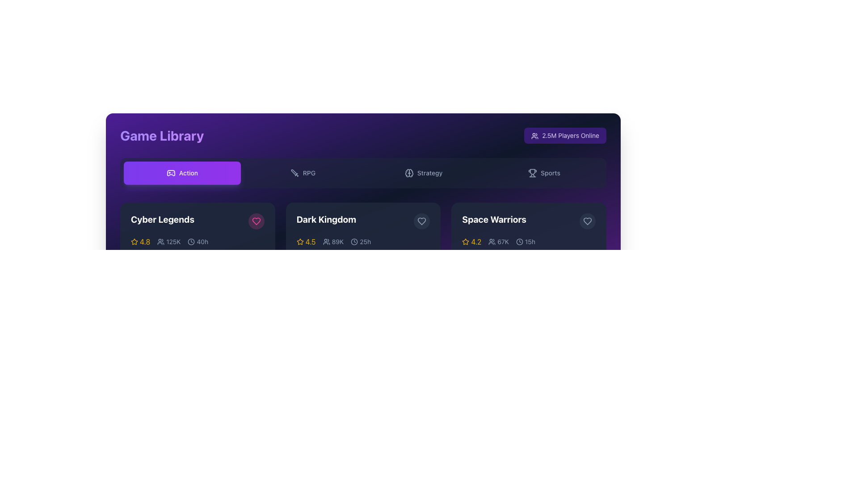 The width and height of the screenshot is (858, 482). What do you see at coordinates (533, 173) in the screenshot?
I see `the trophy-shaped SVG icon located to the left of the 'Sports' text in the dark-themed UI` at bounding box center [533, 173].